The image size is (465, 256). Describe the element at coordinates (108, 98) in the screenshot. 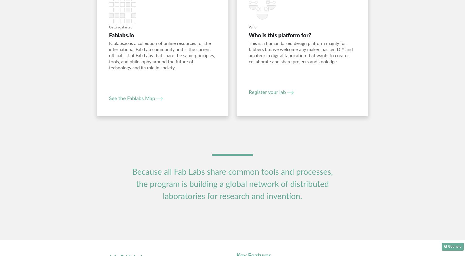

I see `'See the Fablabs Map'` at that location.